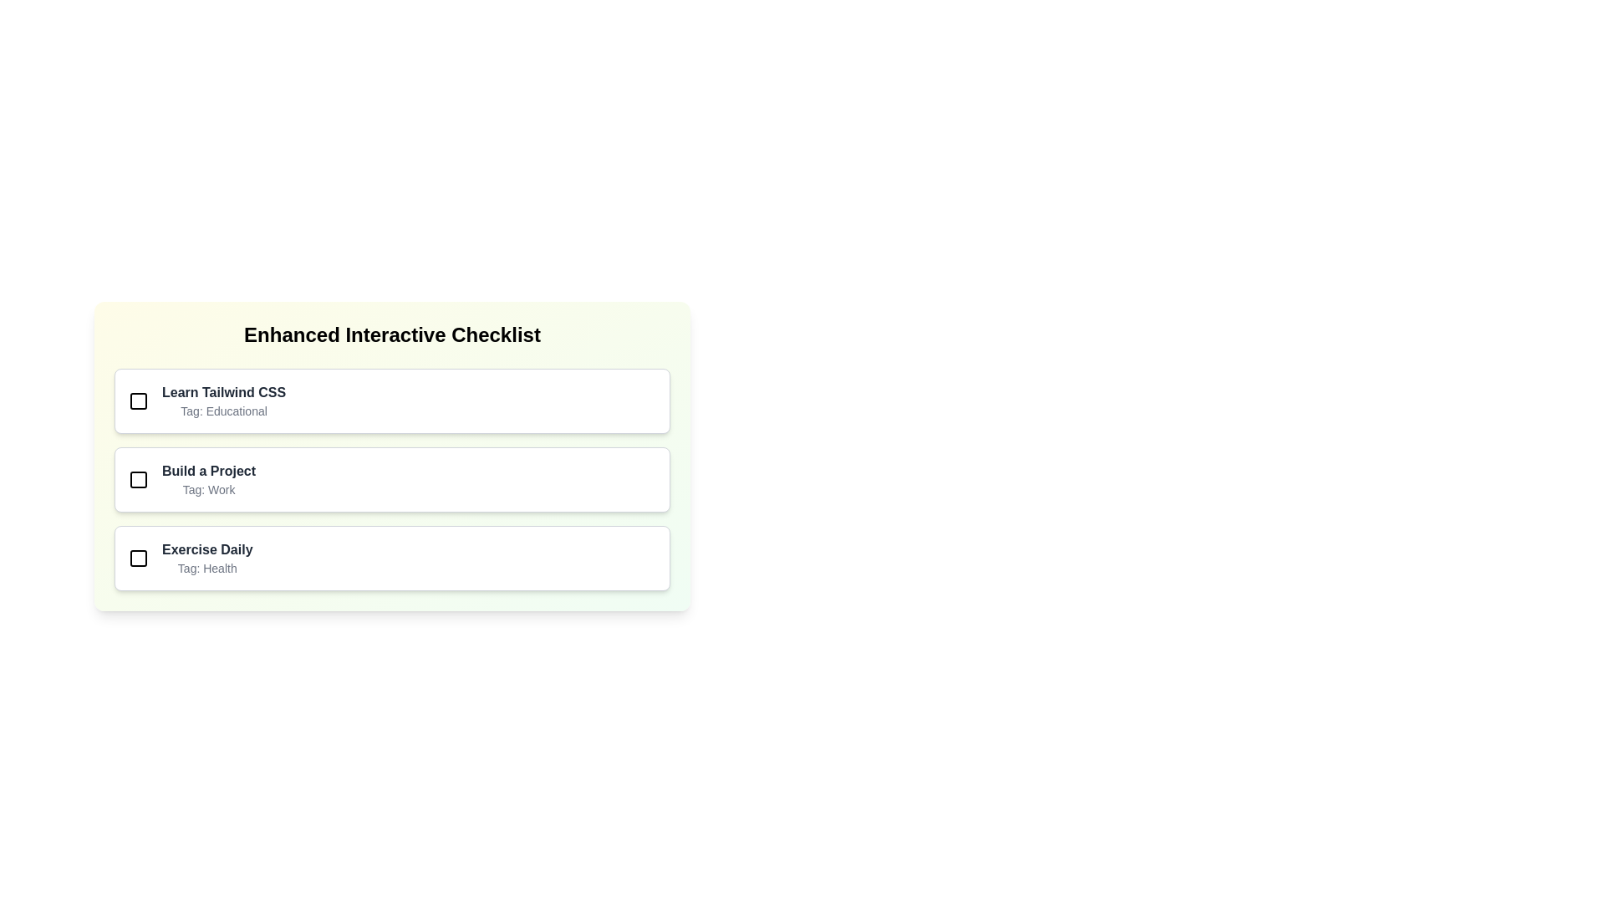  What do you see at coordinates (139, 480) in the screenshot?
I see `the Graphical Checkbox Marker located at the center of the second checkbox option in the 'Enhanced Interactive Checklist'` at bounding box center [139, 480].